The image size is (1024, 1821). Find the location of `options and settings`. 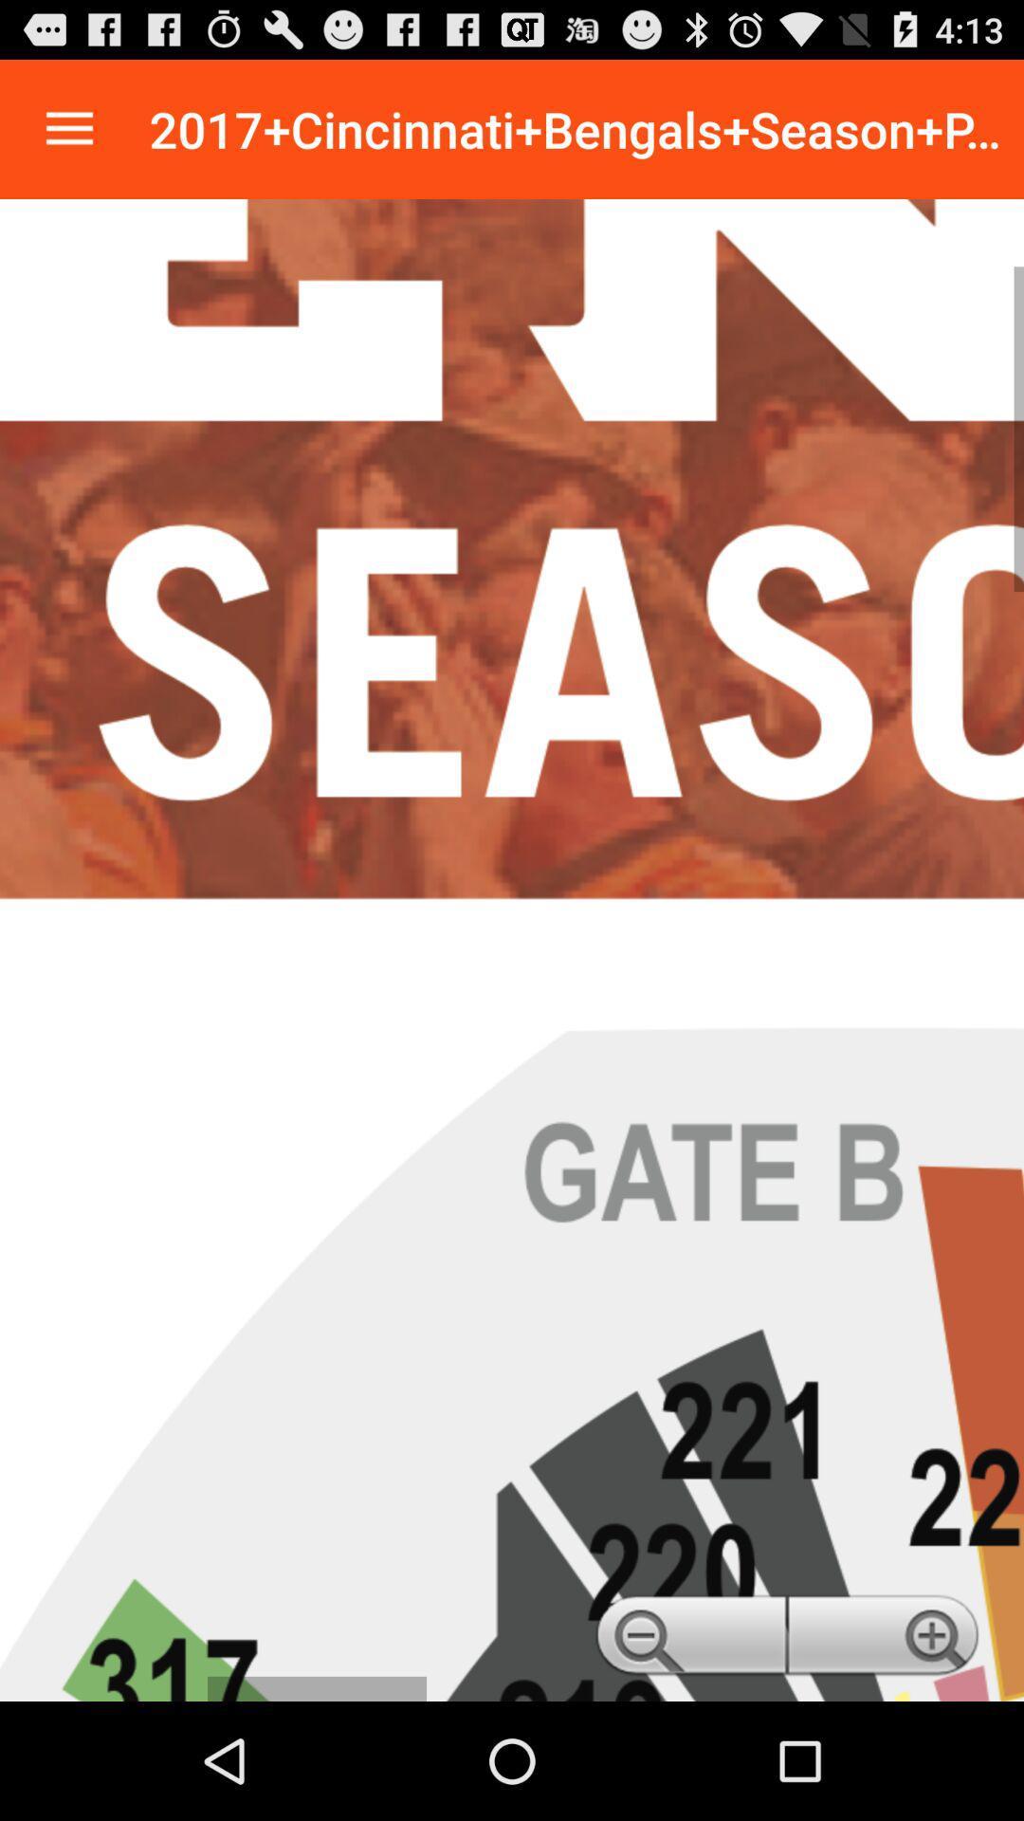

options and settings is located at coordinates (68, 128).